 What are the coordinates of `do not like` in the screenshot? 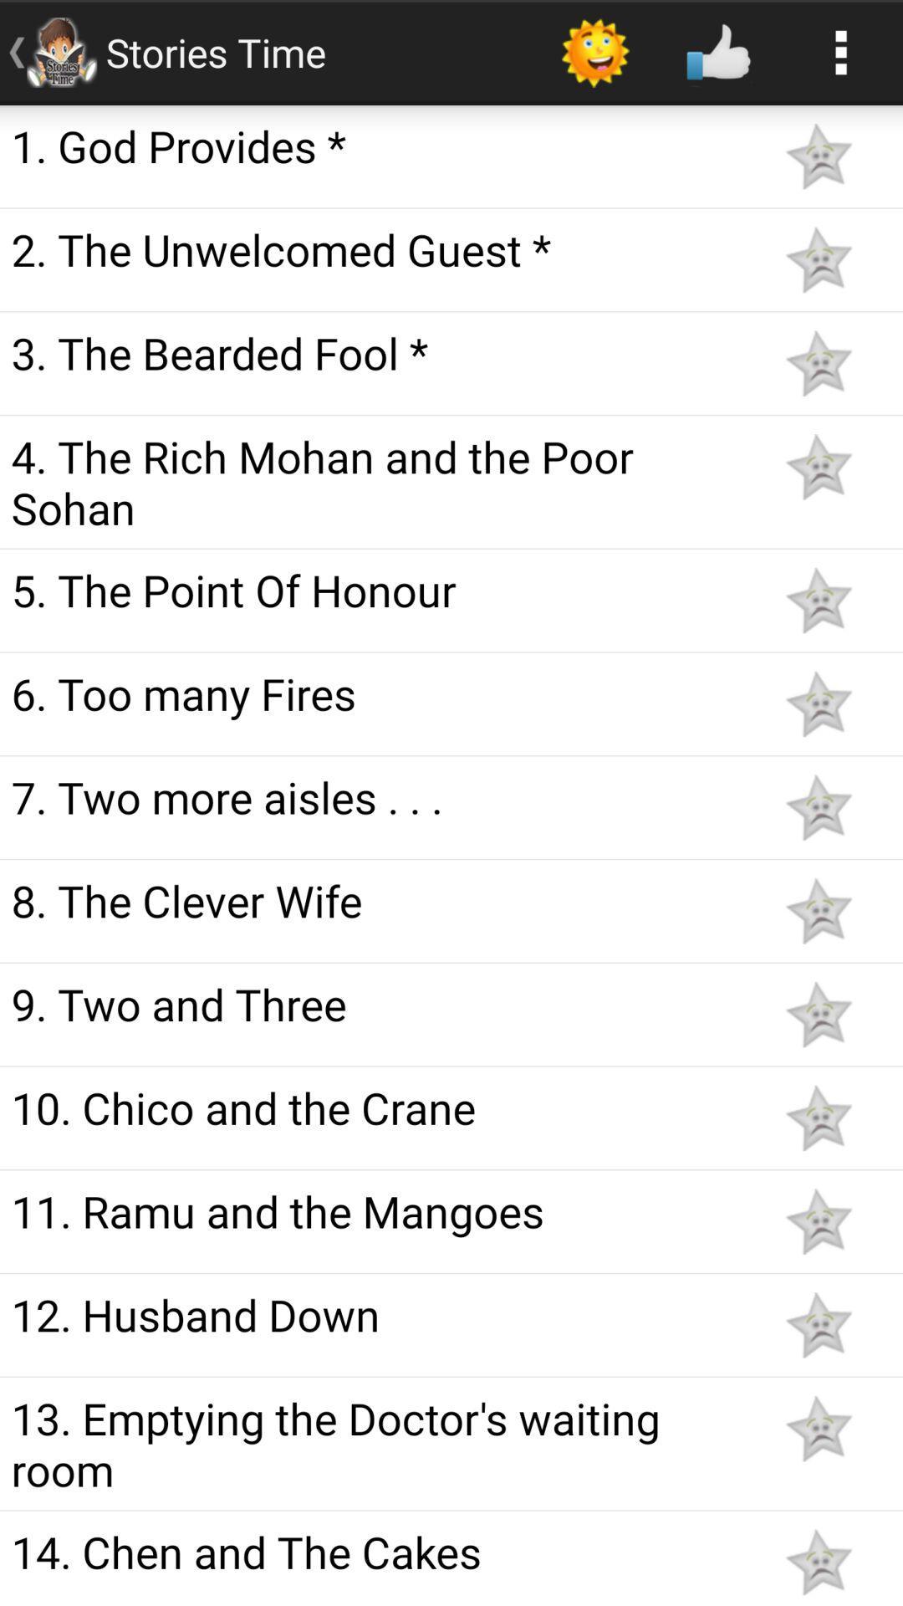 It's located at (818, 1324).